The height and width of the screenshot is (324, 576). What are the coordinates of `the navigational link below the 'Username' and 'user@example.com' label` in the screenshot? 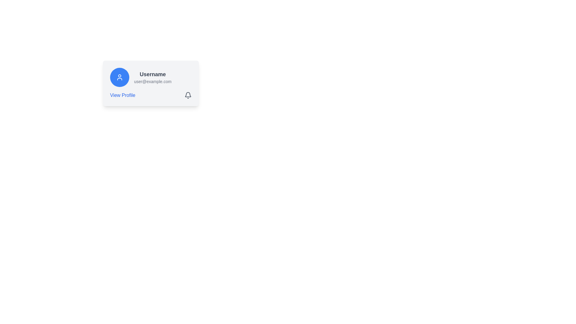 It's located at (122, 95).